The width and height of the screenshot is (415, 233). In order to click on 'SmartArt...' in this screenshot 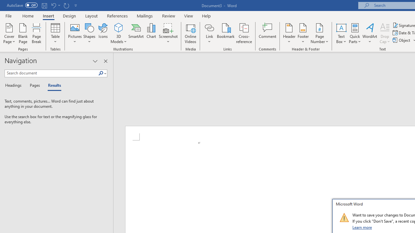, I will do `click(136, 33)`.